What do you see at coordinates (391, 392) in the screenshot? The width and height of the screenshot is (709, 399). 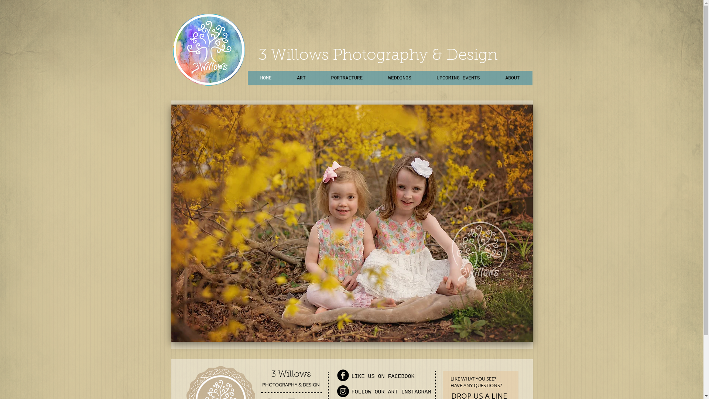 I see `'FOLLOW OUR ART INSTAGRAM'` at bounding box center [391, 392].